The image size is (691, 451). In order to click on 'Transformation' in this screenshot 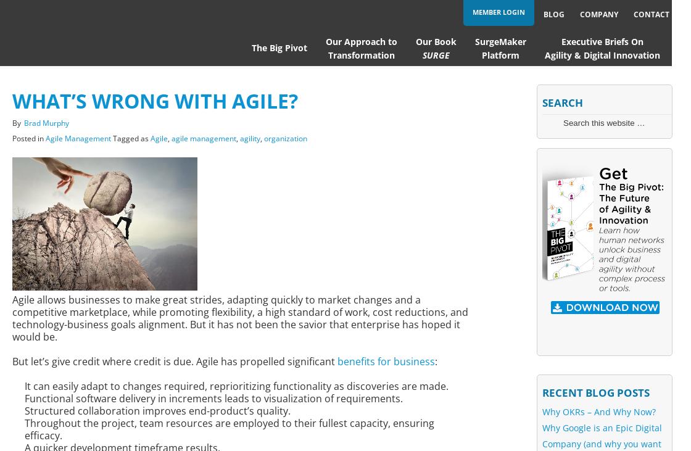, I will do `click(360, 54)`.